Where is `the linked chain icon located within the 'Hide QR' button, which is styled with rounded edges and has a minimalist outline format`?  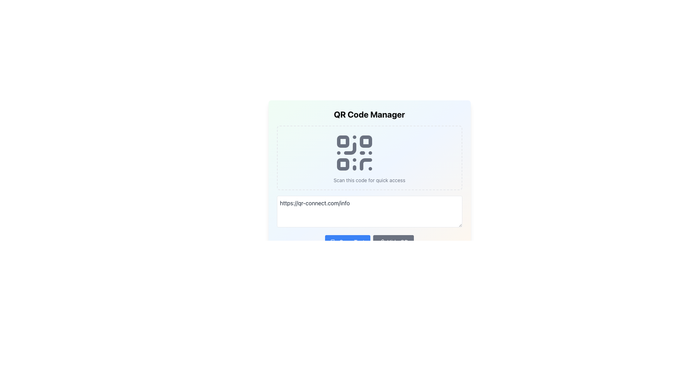
the linked chain icon located within the 'Hide QR' button, which is styled with rounded edges and has a minimalist outline format is located at coordinates (381, 242).